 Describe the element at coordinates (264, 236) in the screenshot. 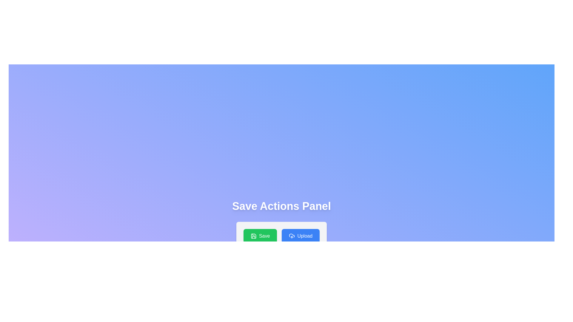

I see `the 'Save' button, which features white text on a green rounded rectangular background` at that location.